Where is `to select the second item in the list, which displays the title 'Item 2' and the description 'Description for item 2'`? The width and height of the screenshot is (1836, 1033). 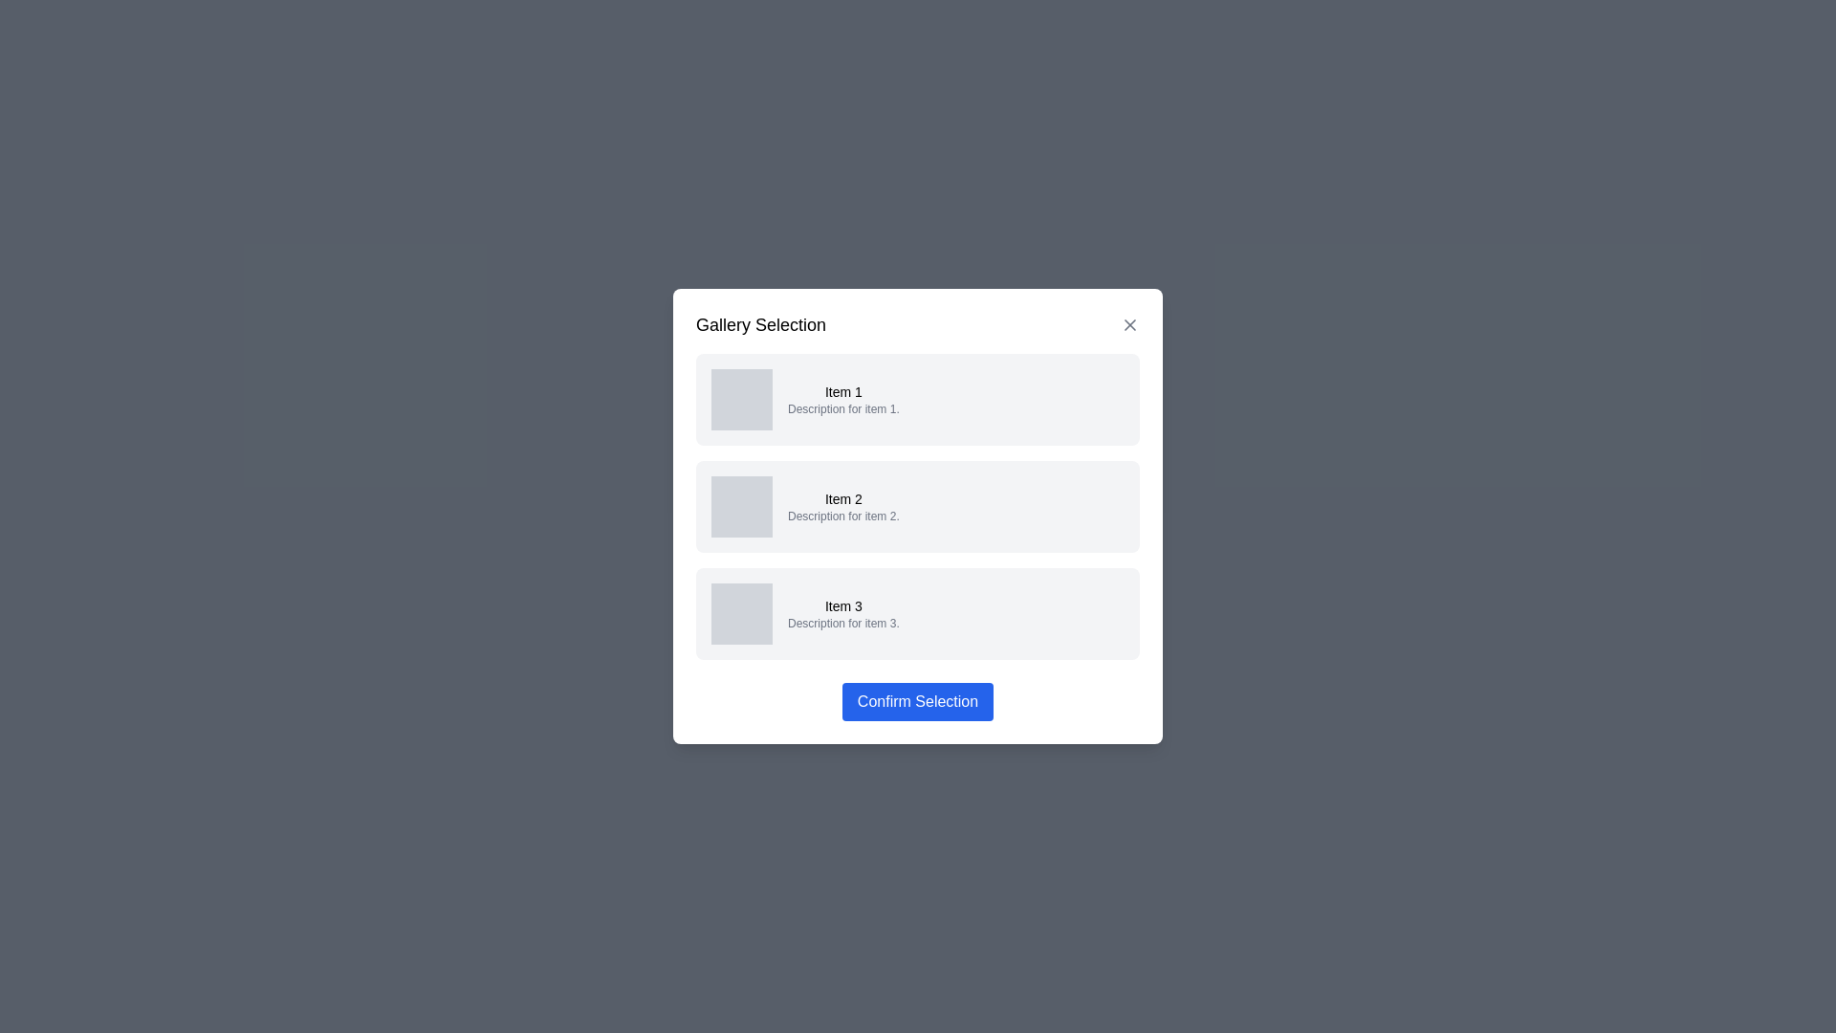
to select the second item in the list, which displays the title 'Item 2' and the description 'Description for item 2' is located at coordinates (918, 516).